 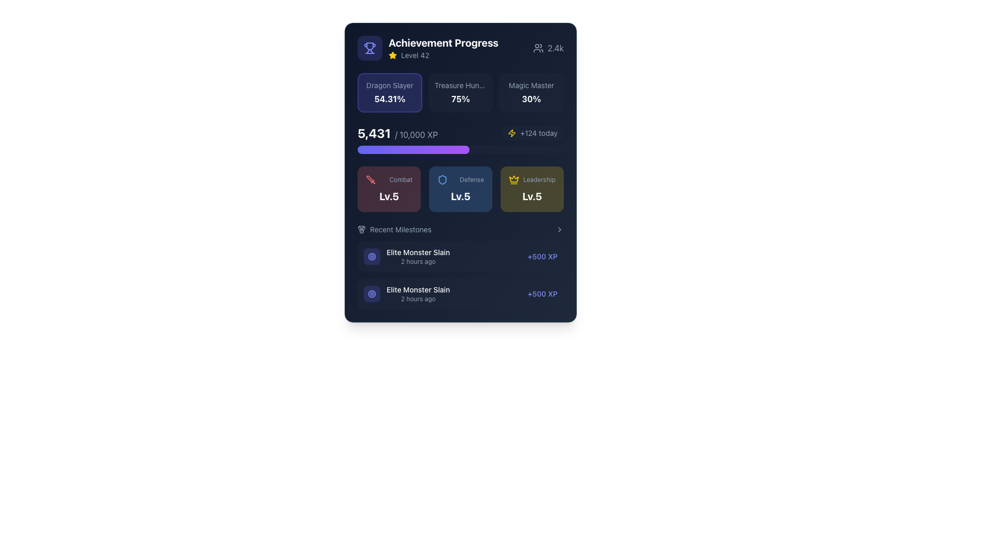 What do you see at coordinates (460, 196) in the screenshot?
I see `the text label indicating 'Lv.5', styled in bold white font against a blue background, located under the 'Defense' icon and label` at bounding box center [460, 196].